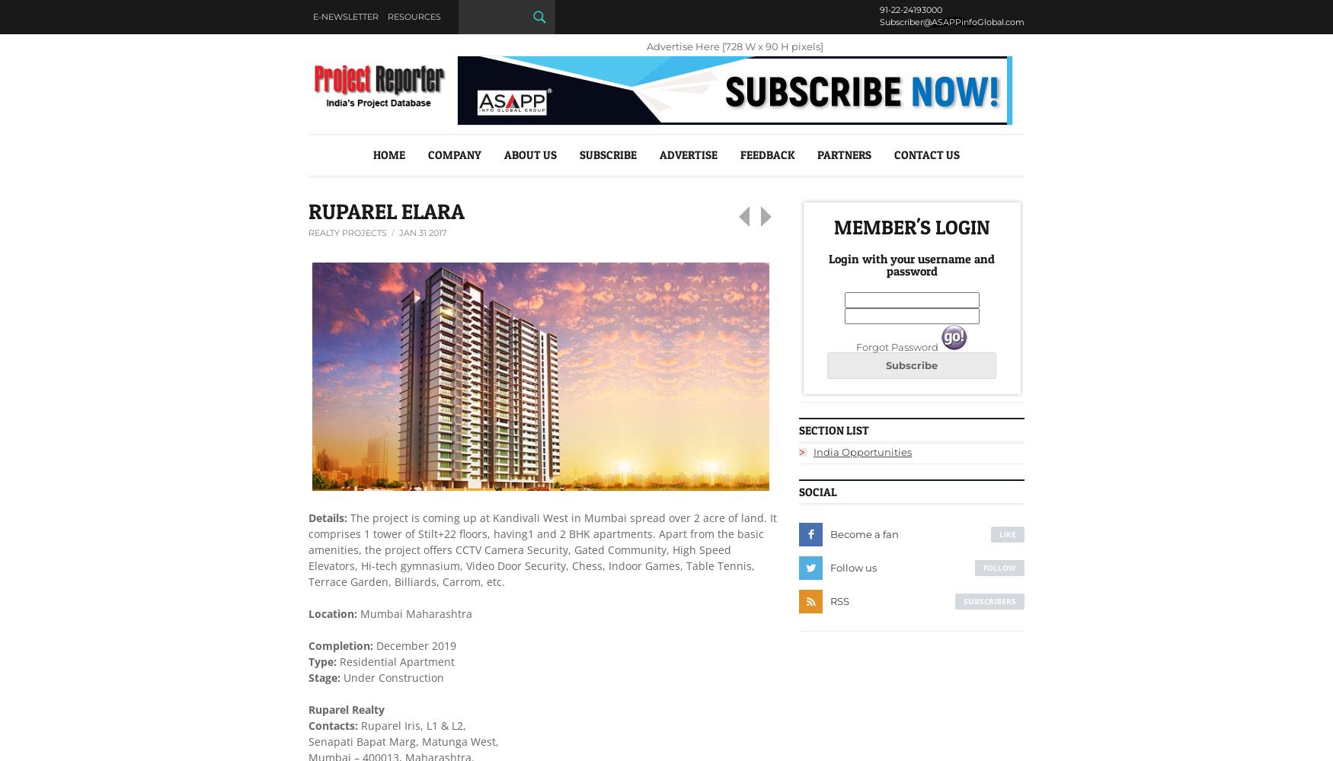  What do you see at coordinates (817, 491) in the screenshot?
I see `'Social'` at bounding box center [817, 491].